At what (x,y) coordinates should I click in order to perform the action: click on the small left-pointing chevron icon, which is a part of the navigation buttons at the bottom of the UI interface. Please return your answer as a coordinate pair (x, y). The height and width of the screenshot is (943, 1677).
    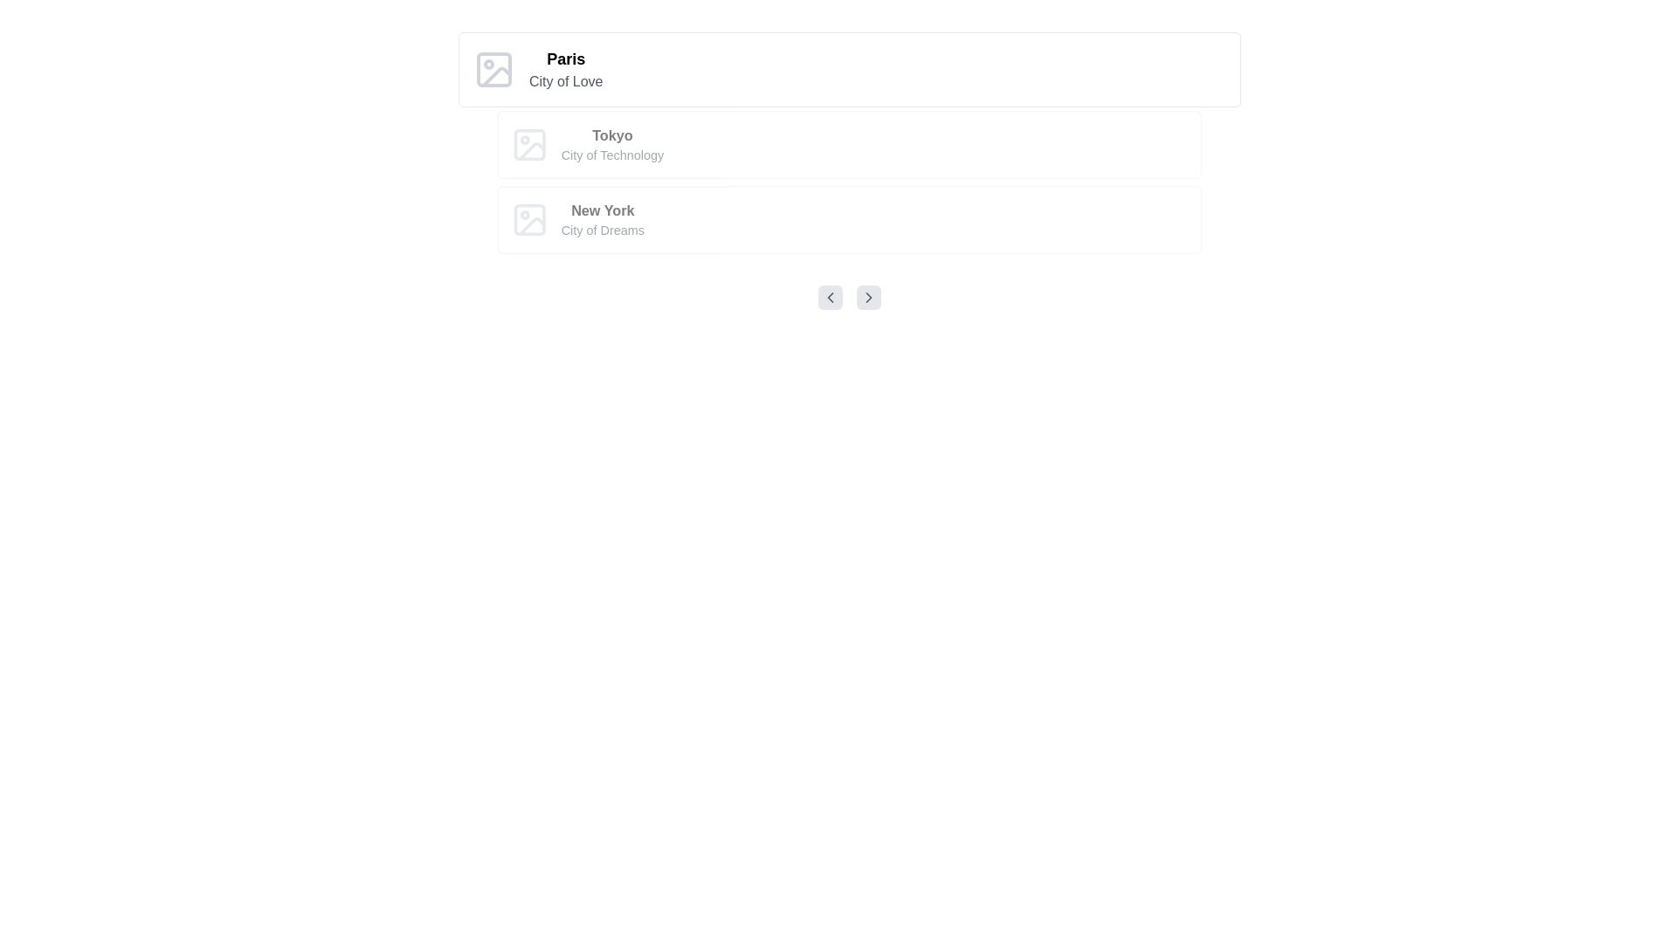
    Looking at the image, I should click on (829, 296).